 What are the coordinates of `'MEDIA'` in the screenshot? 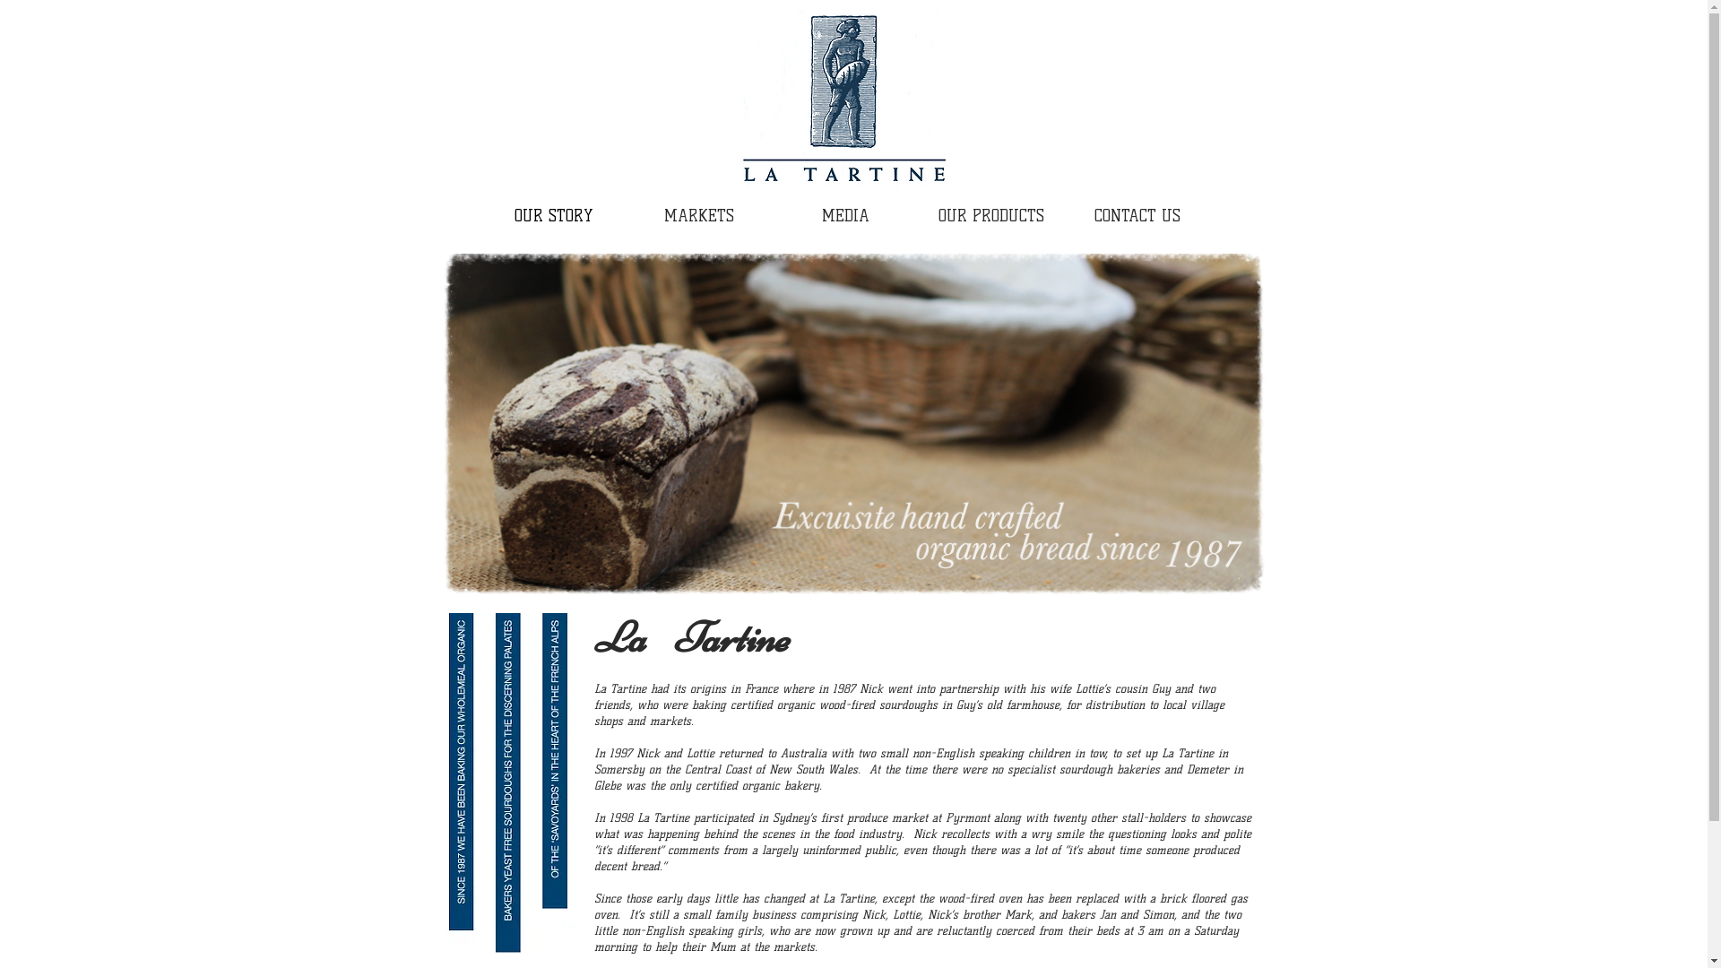 It's located at (844, 215).